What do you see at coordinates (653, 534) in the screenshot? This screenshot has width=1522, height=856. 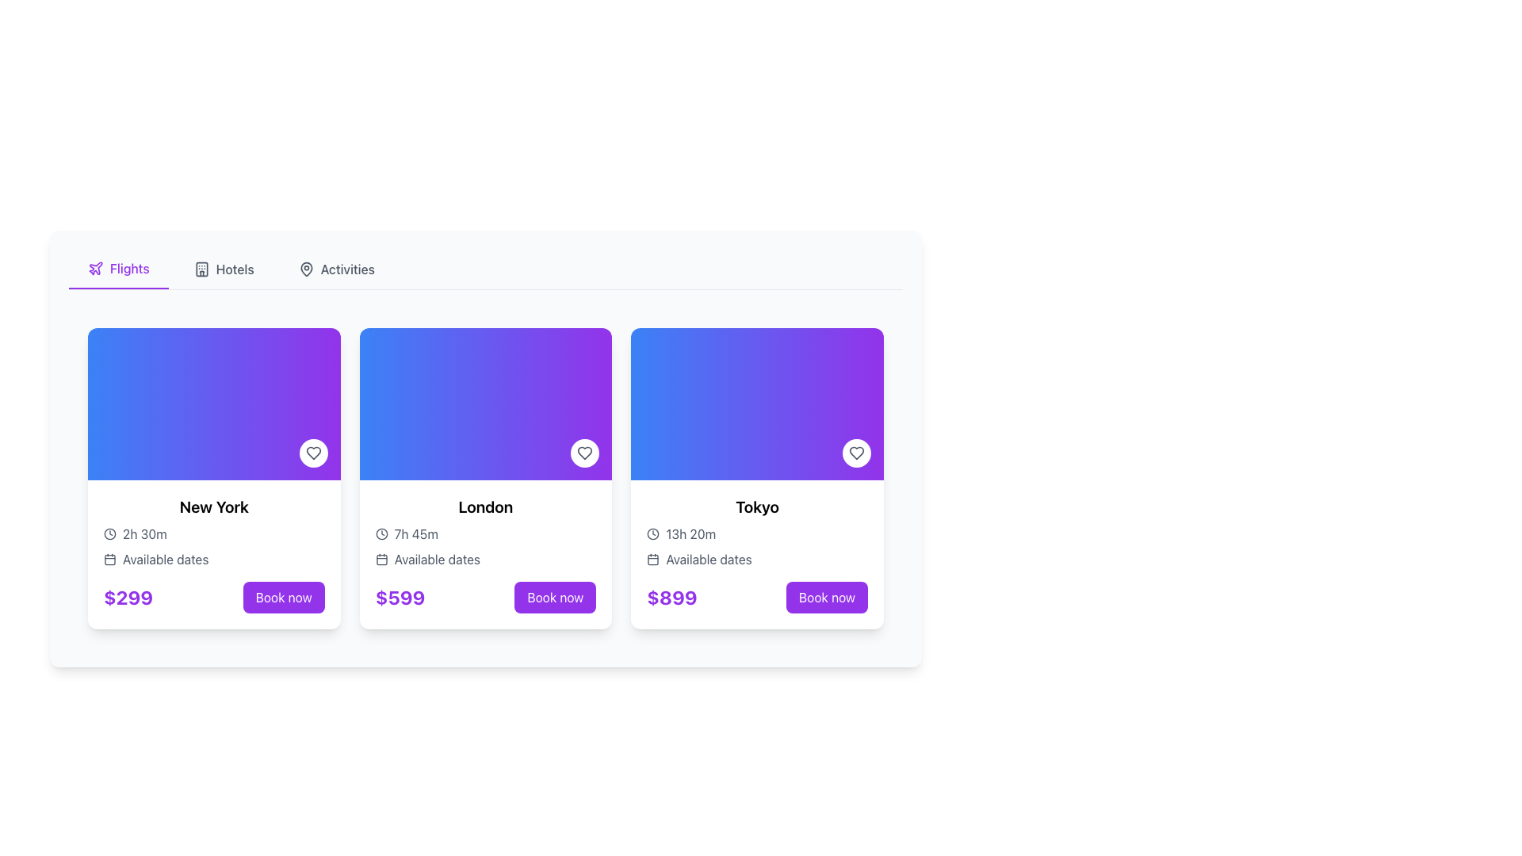 I see `the minimalist clock icon located in the 'Tokyo' card, which is positioned to the left of the text '13h 20m'` at bounding box center [653, 534].